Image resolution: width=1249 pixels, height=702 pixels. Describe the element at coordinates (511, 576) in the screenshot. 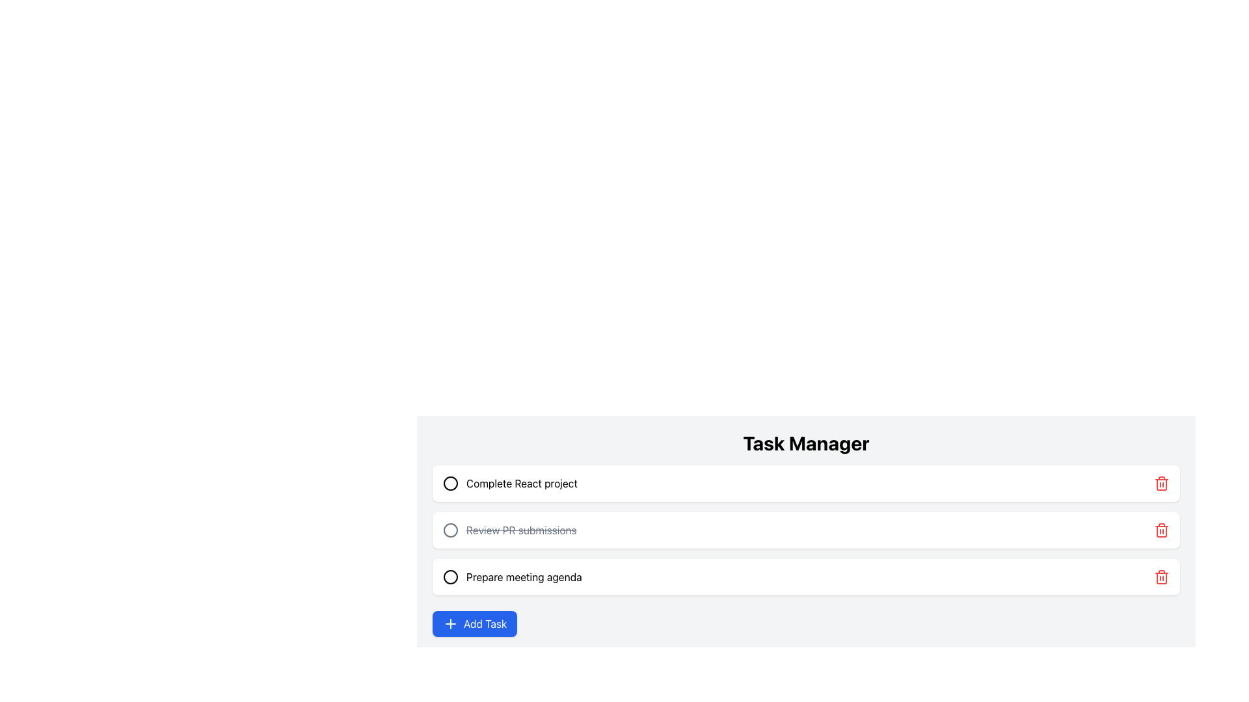

I see `the task item element labeled 'Prepare meeting agenda'` at that location.